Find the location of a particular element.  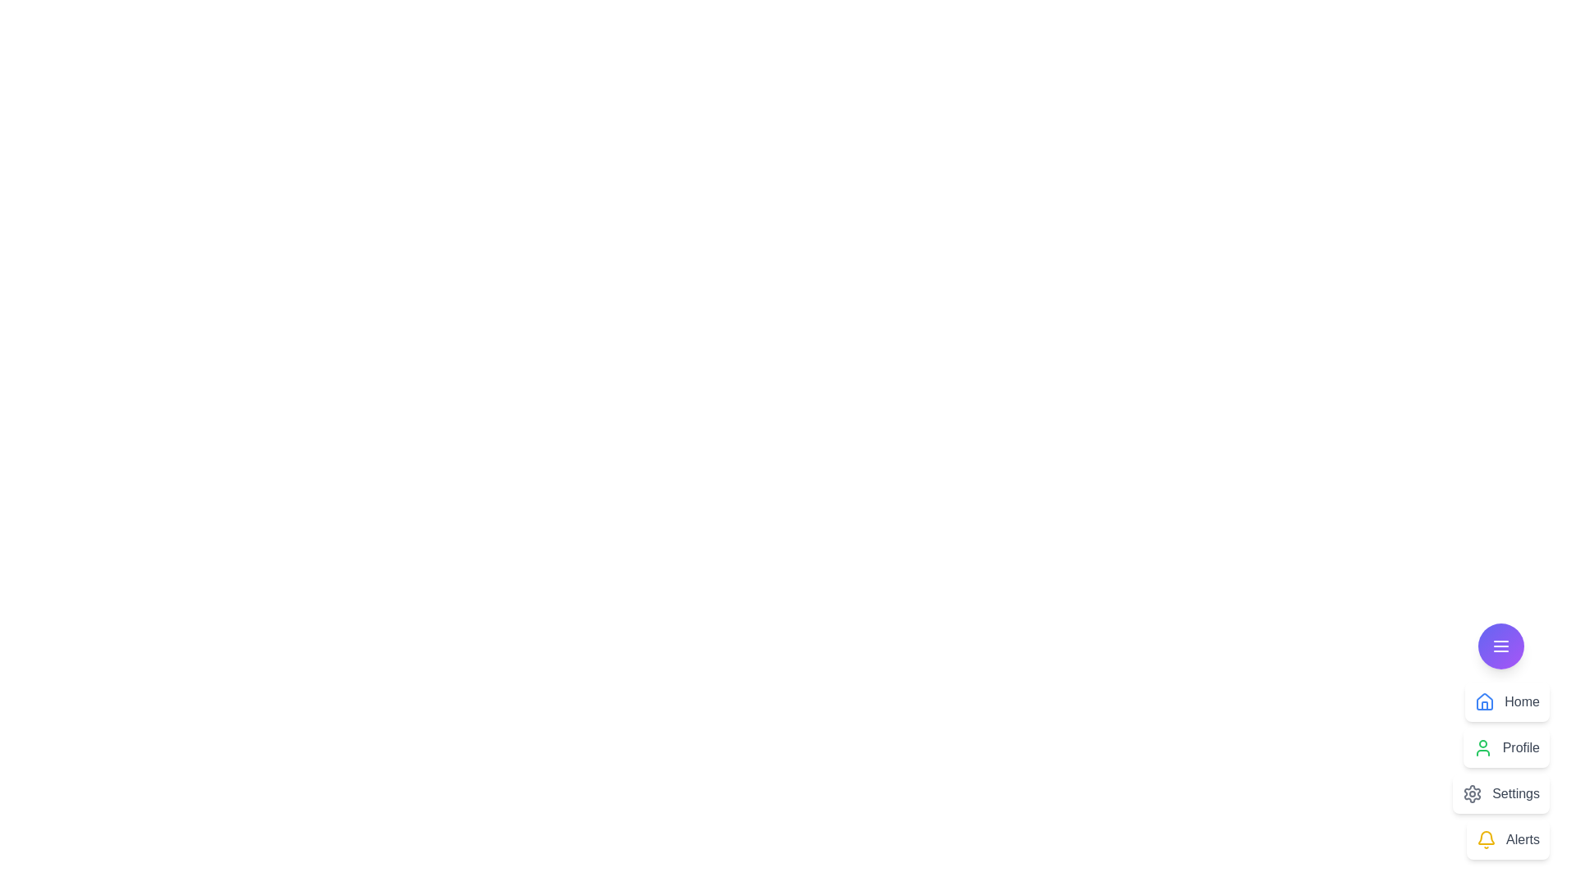

the icon corresponding to Settings in the CustomSpeedDial menu is located at coordinates (1473, 793).